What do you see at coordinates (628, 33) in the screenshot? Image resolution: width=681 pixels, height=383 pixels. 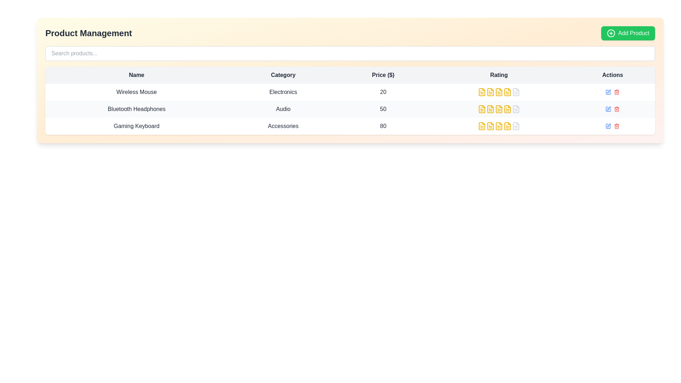 I see `the 'Add Product' button` at bounding box center [628, 33].